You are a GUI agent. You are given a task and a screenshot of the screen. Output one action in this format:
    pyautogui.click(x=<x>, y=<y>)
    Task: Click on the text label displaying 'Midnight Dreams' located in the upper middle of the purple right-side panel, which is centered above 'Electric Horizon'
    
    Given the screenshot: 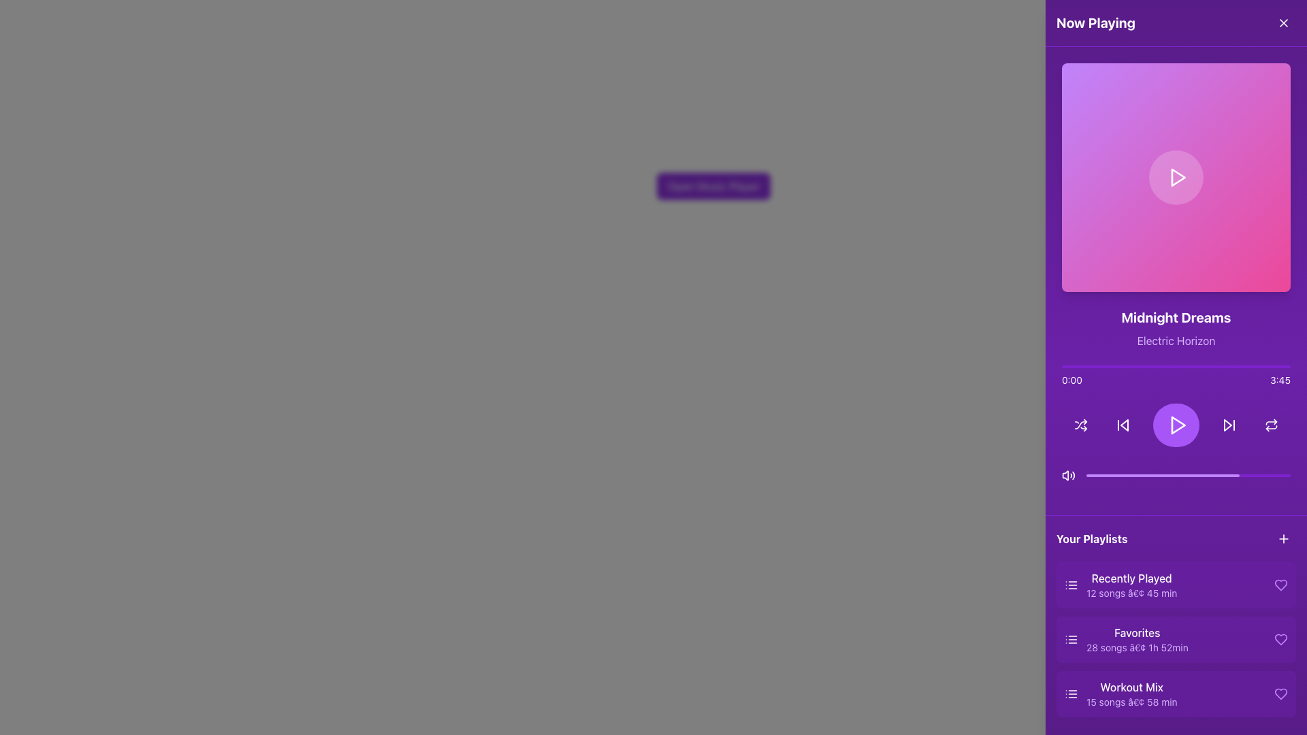 What is the action you would take?
    pyautogui.click(x=1176, y=317)
    